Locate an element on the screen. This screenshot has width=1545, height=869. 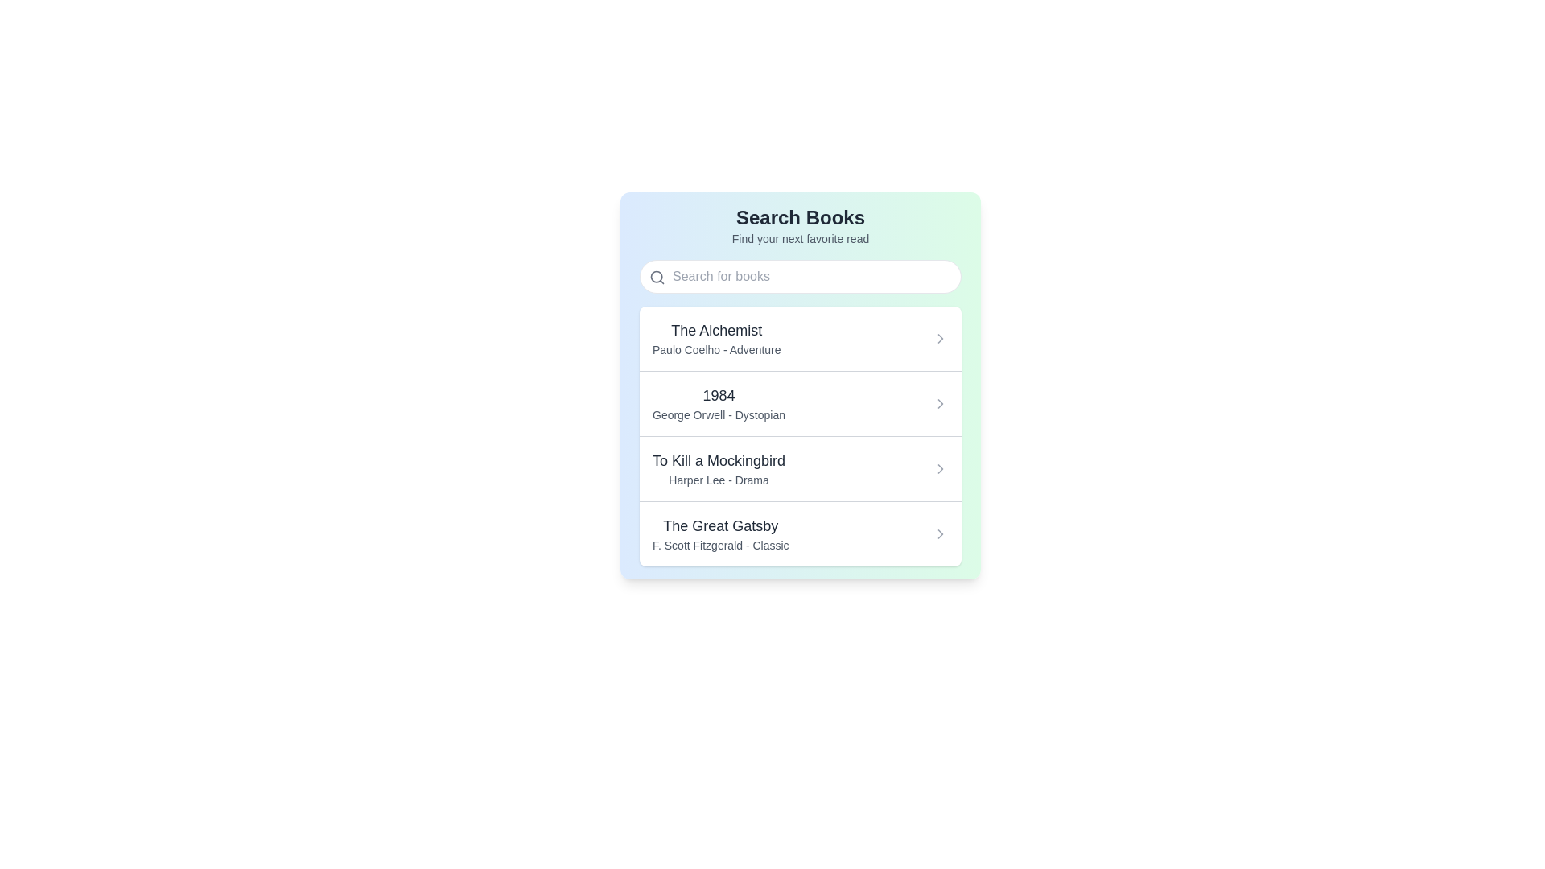
the last book item displayed in the 'Search Books' interface, located in the fourth row of the list, which includes the book's title and supplementary information is located at coordinates (719, 533).